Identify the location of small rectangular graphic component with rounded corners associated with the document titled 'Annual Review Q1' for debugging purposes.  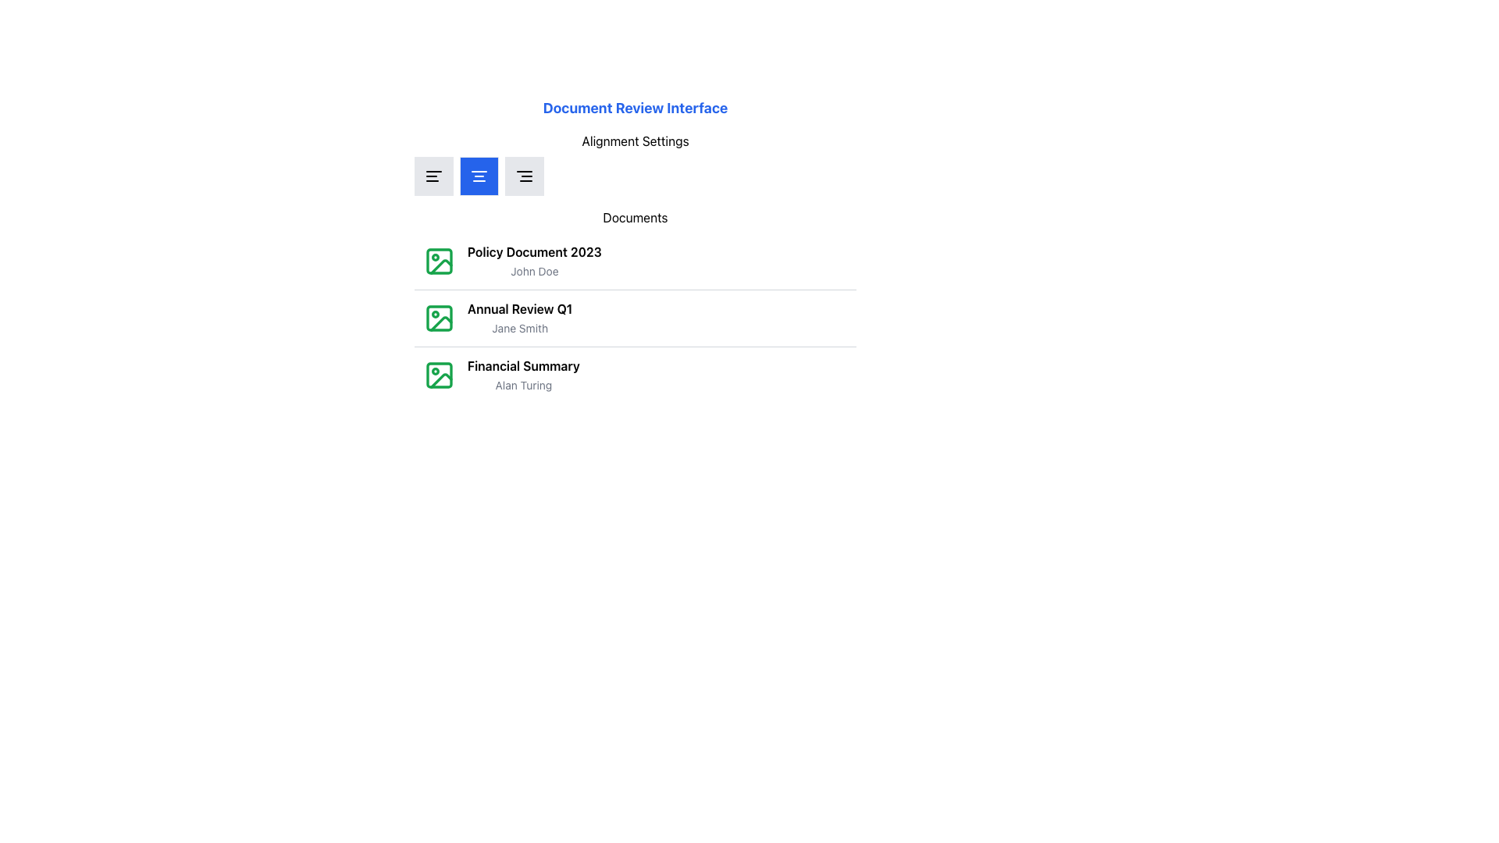
(438, 318).